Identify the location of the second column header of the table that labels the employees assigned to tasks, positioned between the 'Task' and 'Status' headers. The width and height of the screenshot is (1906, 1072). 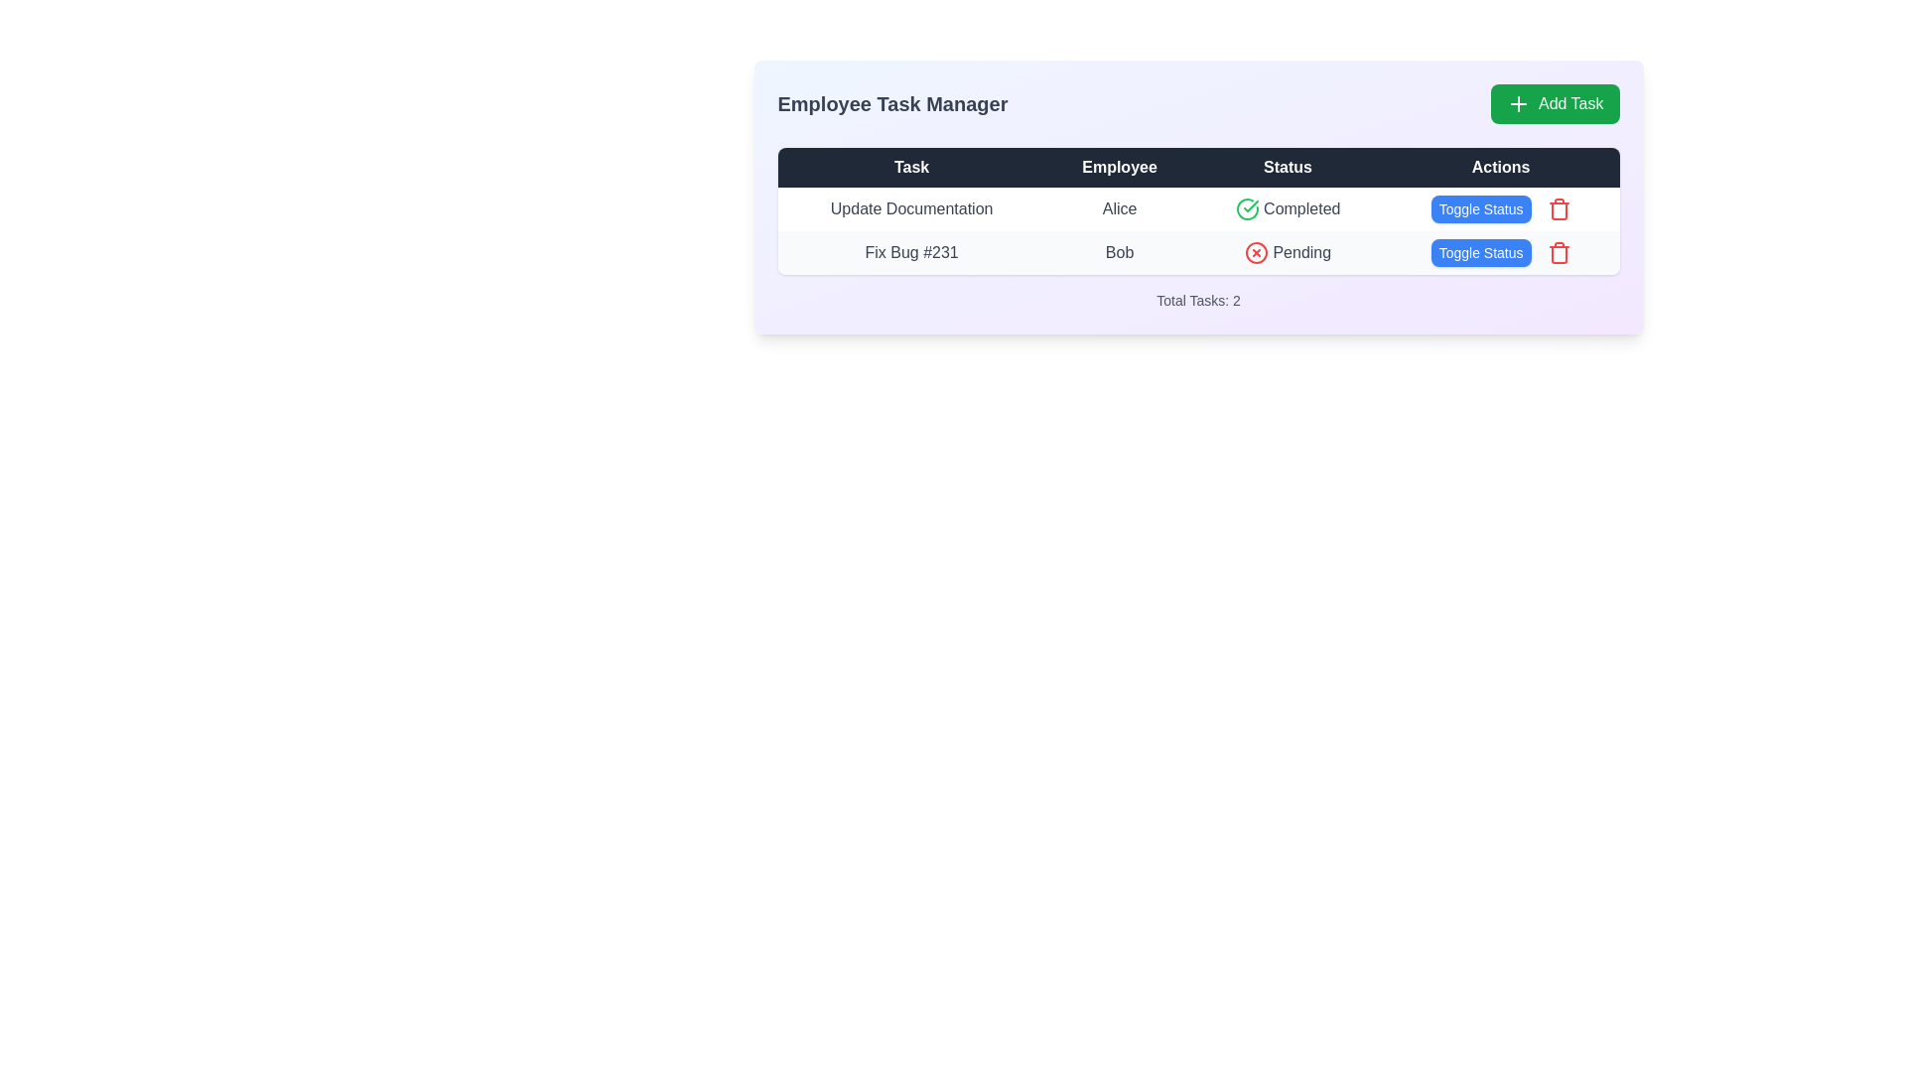
(1120, 167).